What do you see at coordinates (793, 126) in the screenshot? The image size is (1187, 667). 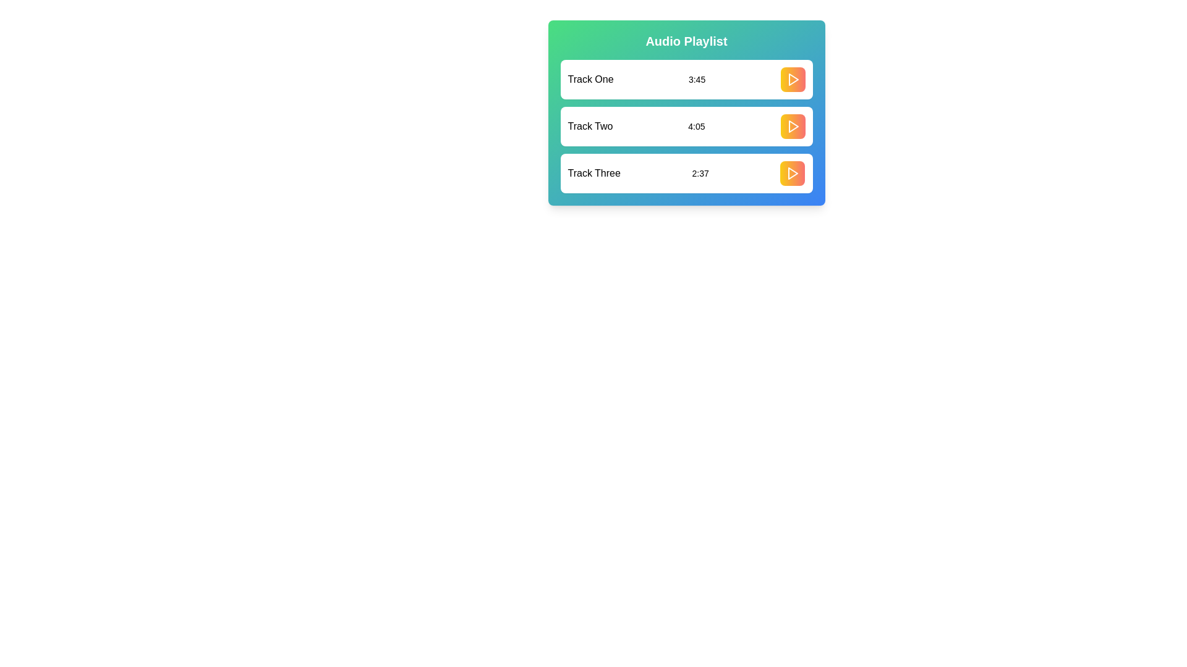 I see `the play button for 'Track Two' located in the middle row on the far right side of the vertical playlist to initiate playback` at bounding box center [793, 126].